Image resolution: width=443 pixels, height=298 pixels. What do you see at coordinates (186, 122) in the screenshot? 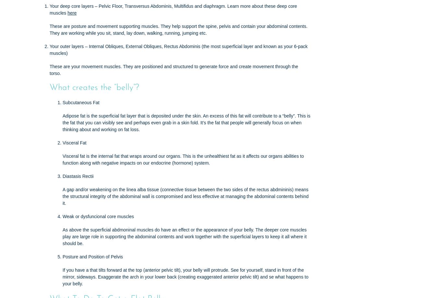
I see `'Adipose fat is the superficial fat layer that is deposited under the skin. An excess of this fat will contribute to a “belly”. This is the fat that you can visibly see and perhaps even grab in a skin fold. It’s the fat that people will generally focus on when thinking about and working on fat loss.'` at bounding box center [186, 122].